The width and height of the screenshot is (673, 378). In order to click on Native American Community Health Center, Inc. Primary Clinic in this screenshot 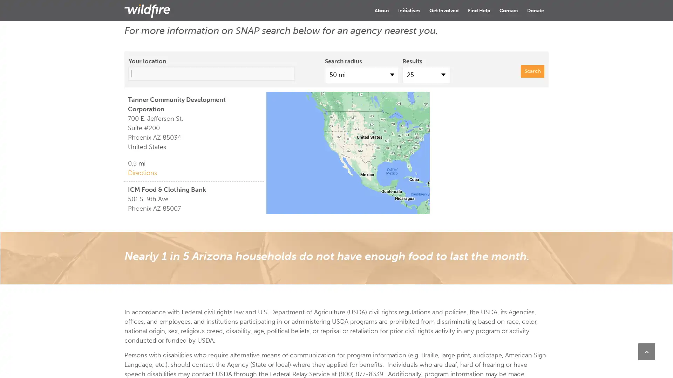, I will do `click(404, 134)`.